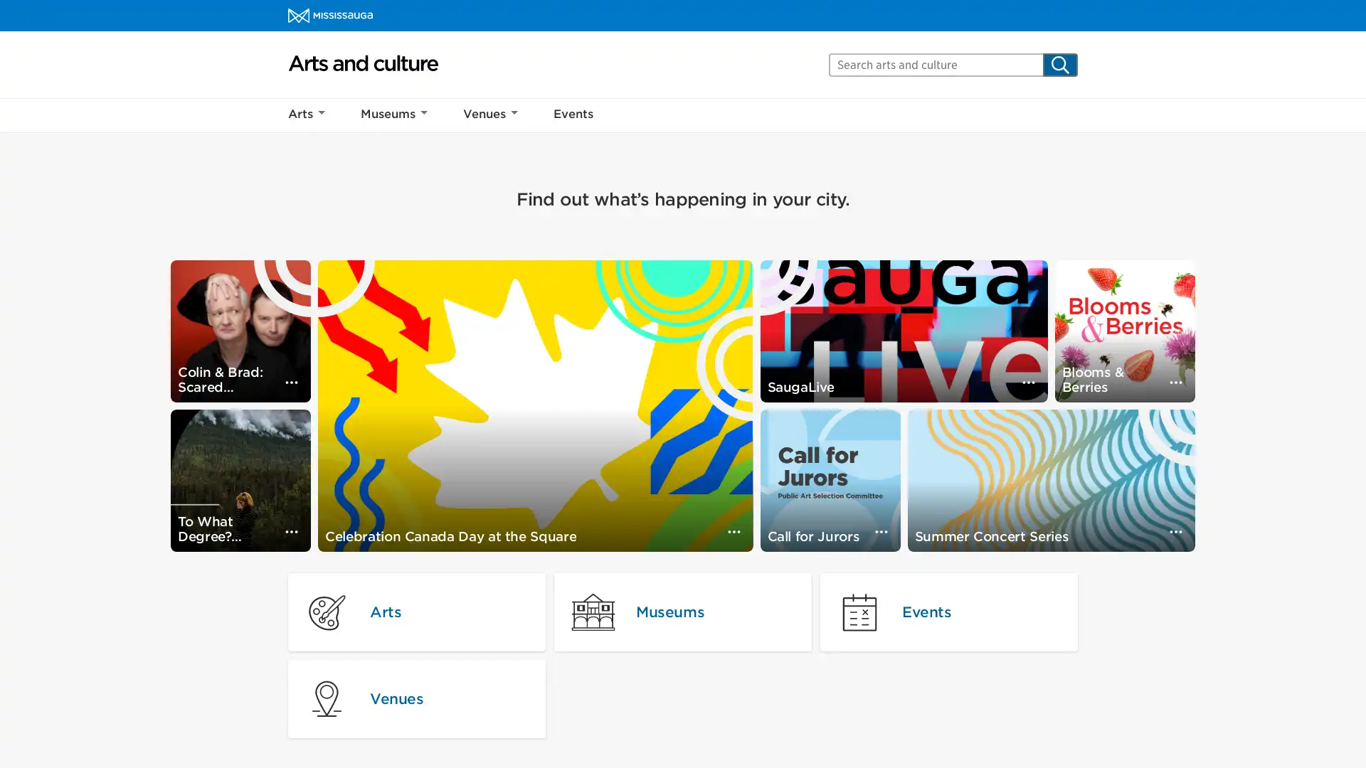  I want to click on Visually show the card details, so click(290, 381).